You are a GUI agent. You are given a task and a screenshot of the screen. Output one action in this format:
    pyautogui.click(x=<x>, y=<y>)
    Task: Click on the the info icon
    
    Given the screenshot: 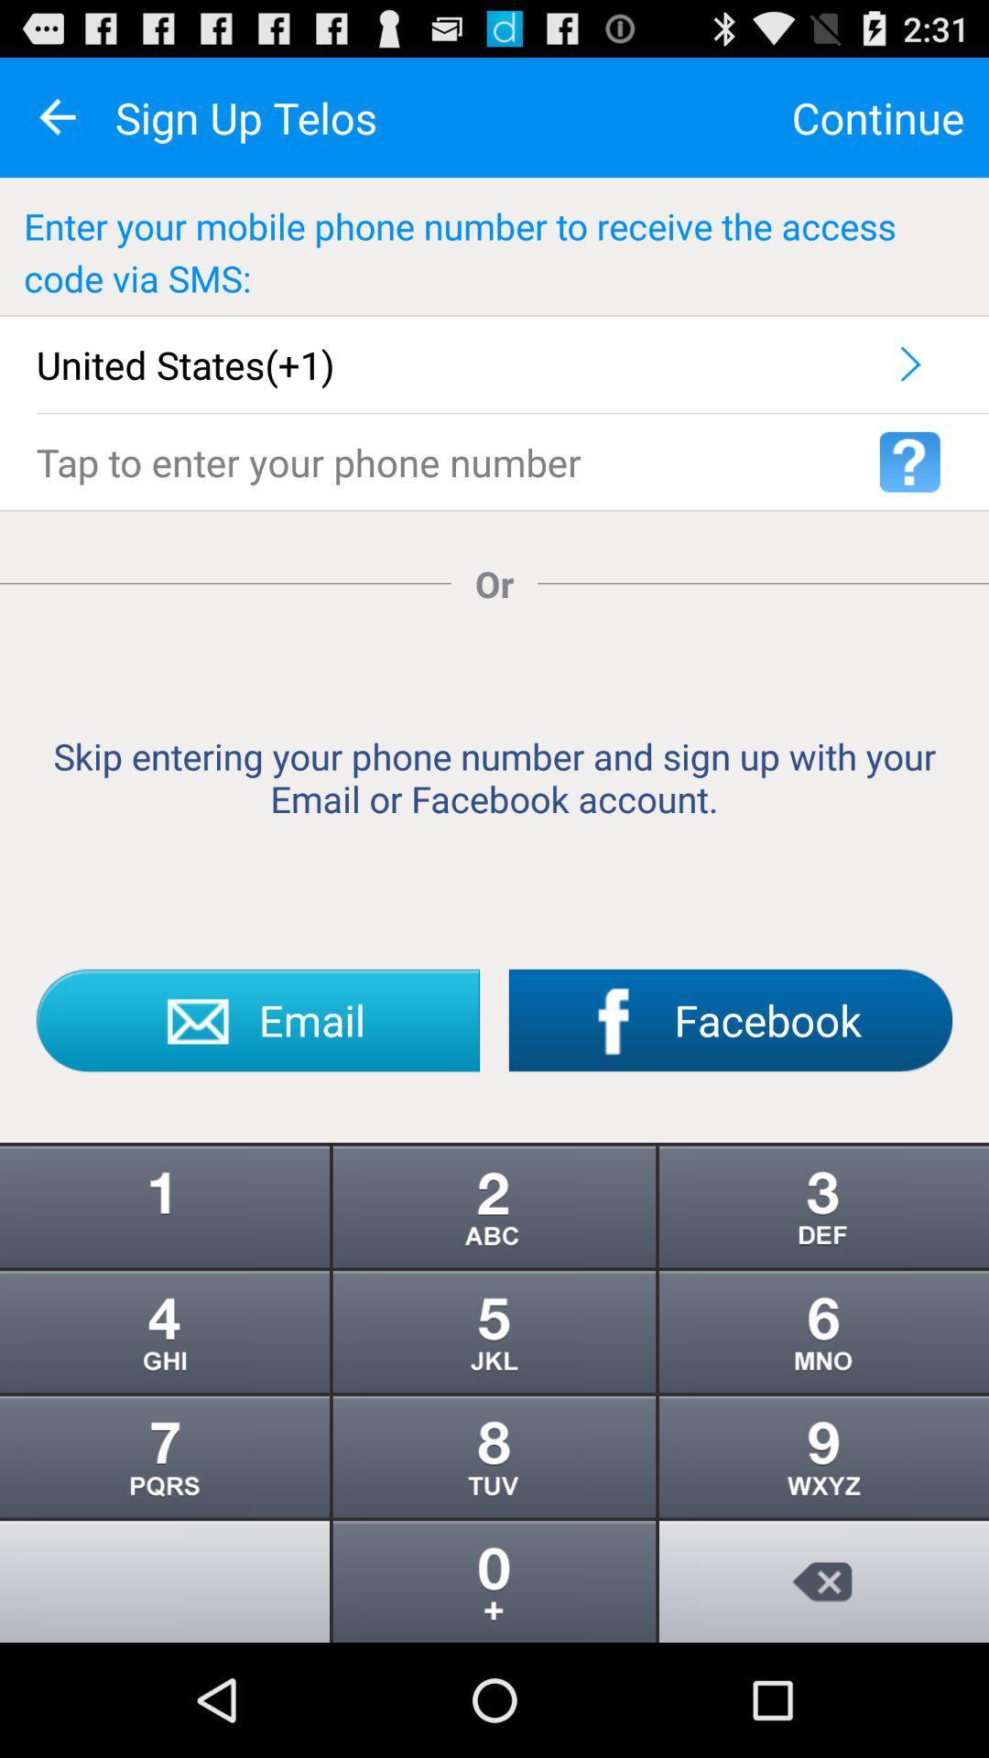 What is the action you would take?
    pyautogui.click(x=165, y=1290)
    